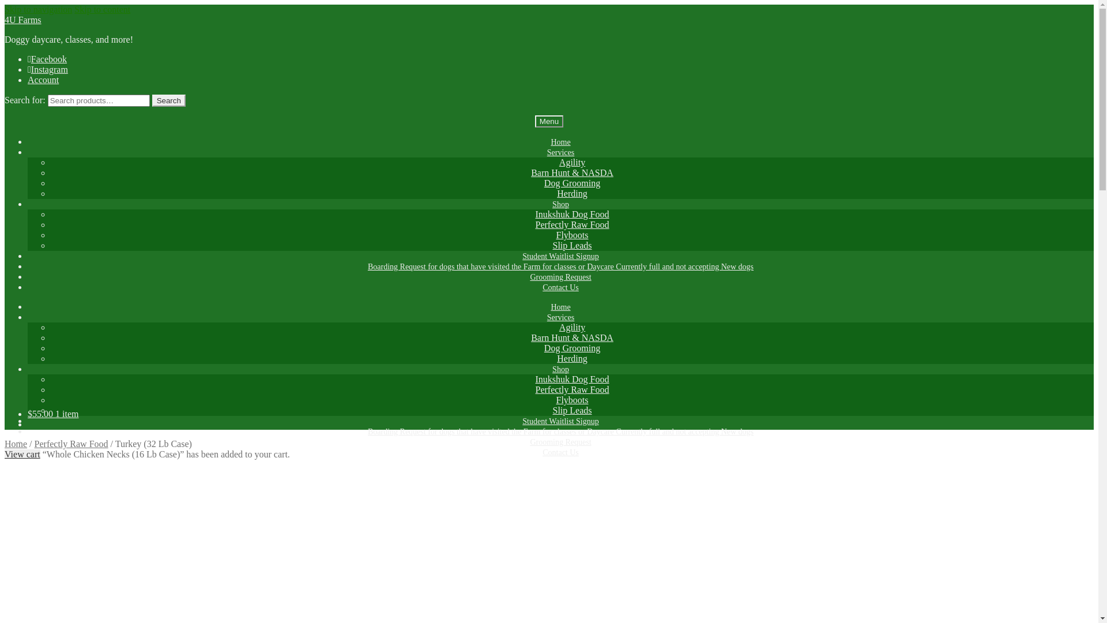 The height and width of the screenshot is (623, 1107). I want to click on 'Menu', so click(548, 121).